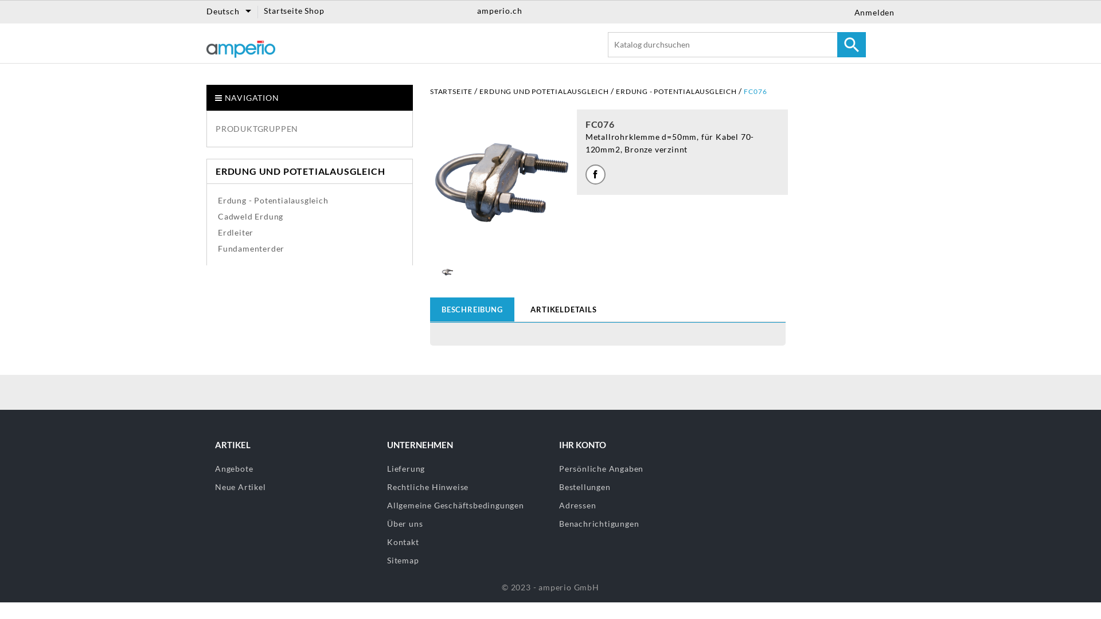 The width and height of the screenshot is (1101, 619). What do you see at coordinates (577, 504) in the screenshot?
I see `'Adressen'` at bounding box center [577, 504].